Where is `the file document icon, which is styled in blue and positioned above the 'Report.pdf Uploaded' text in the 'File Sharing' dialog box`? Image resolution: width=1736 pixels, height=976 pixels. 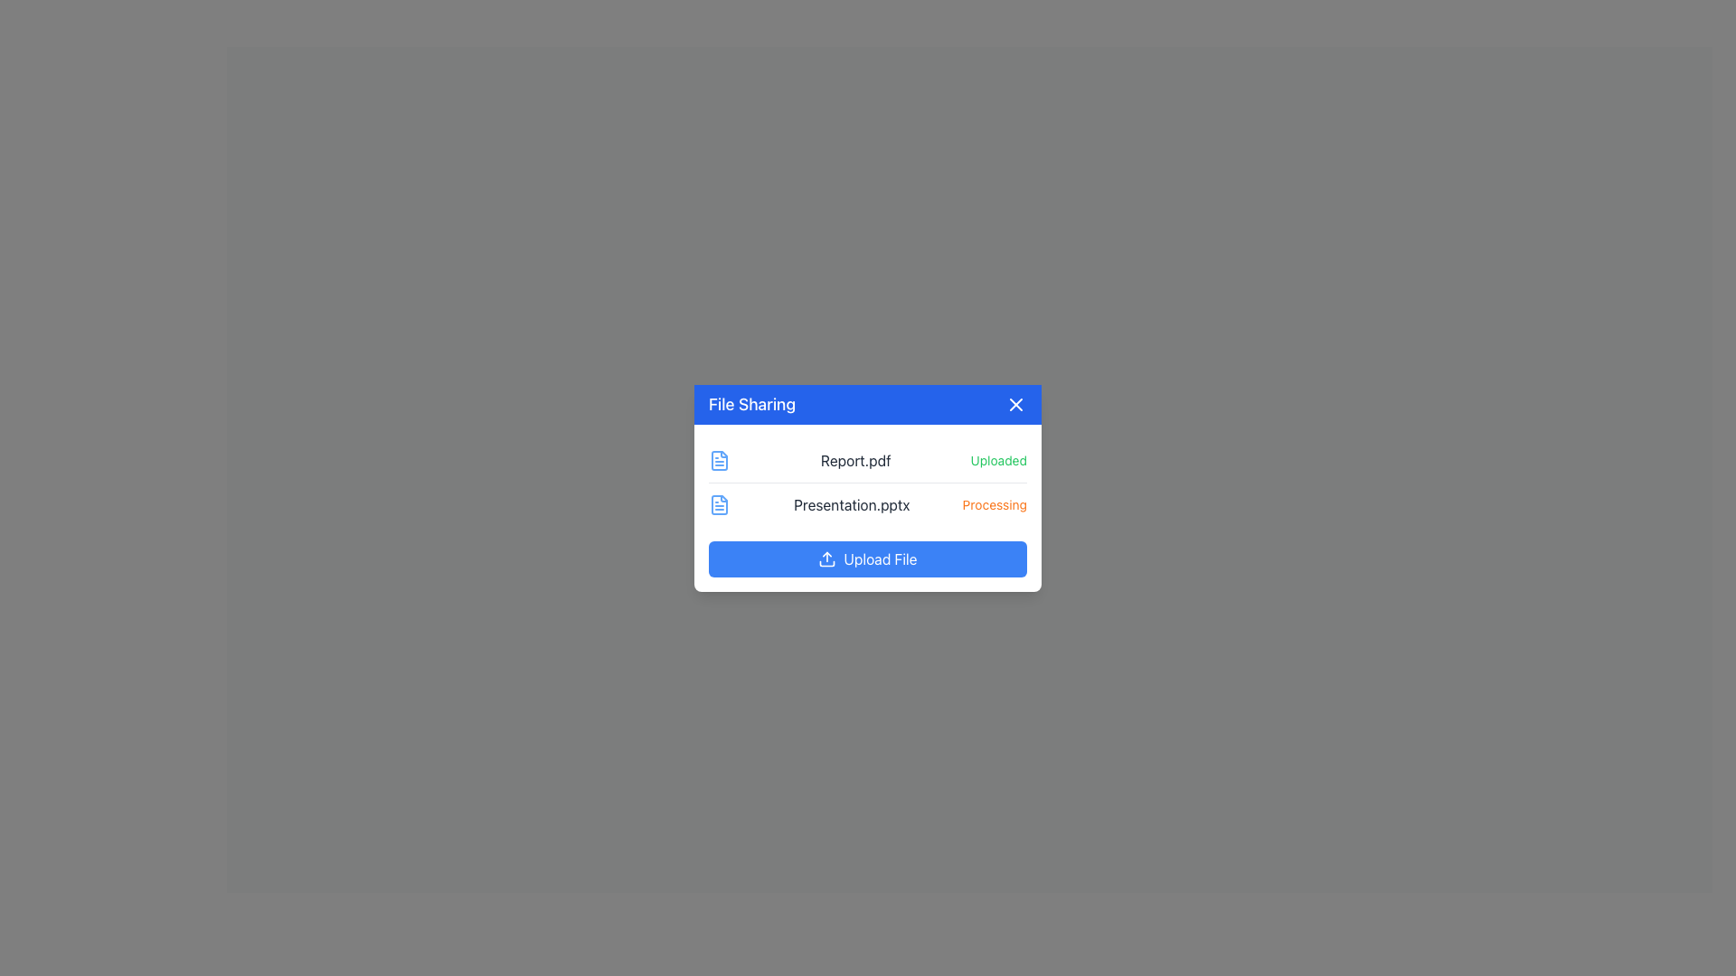
the file document icon, which is styled in blue and positioned above the 'Report.pdf Uploaded' text in the 'File Sharing' dialog box is located at coordinates (719, 459).